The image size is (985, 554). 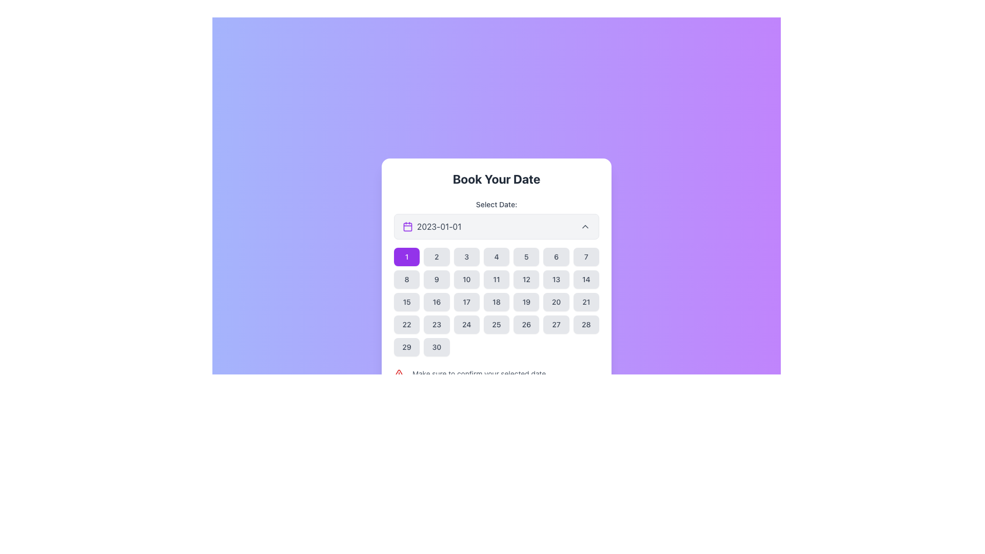 What do you see at coordinates (437, 279) in the screenshot?
I see `the rounded rectangular button with a light gray background featuring the numeral '9'` at bounding box center [437, 279].